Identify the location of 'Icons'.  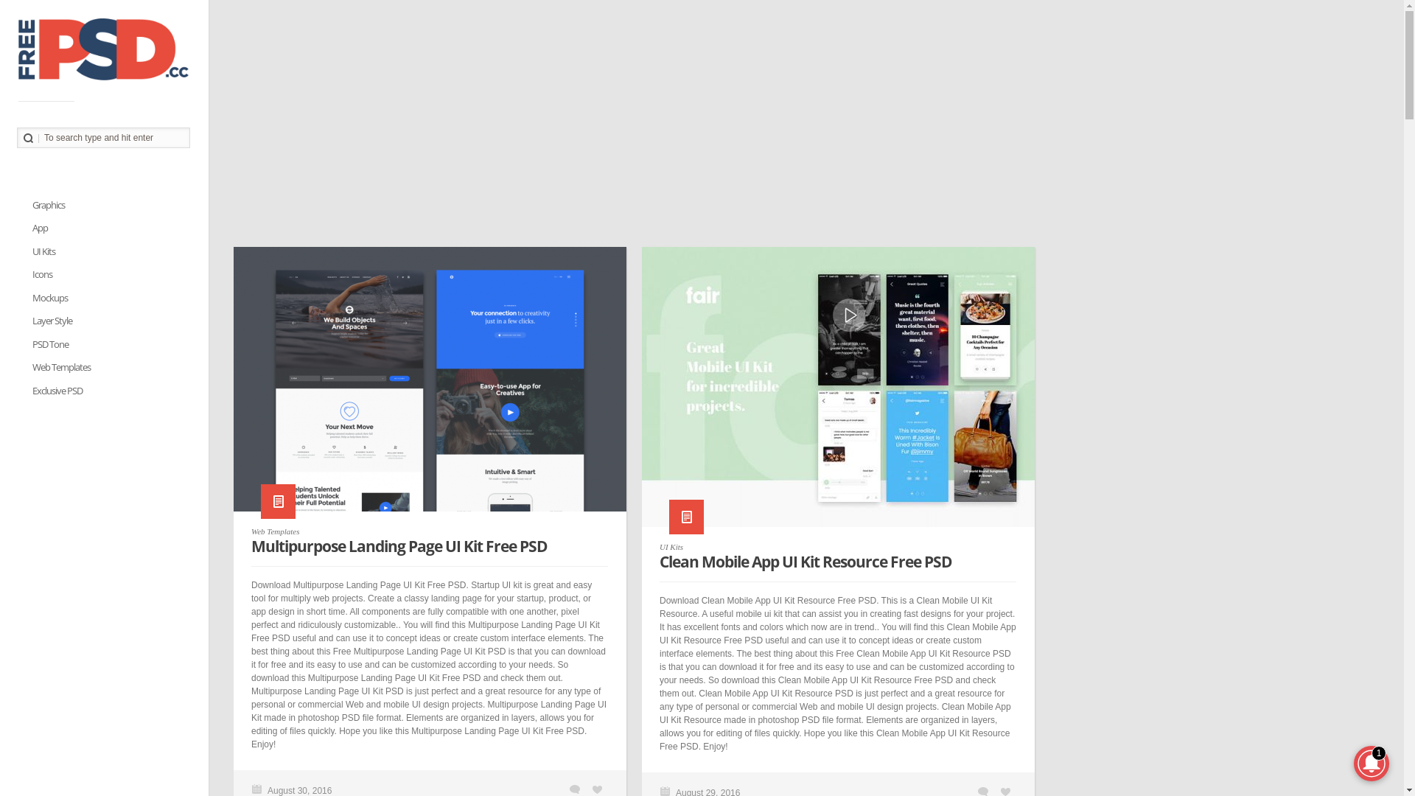
(42, 274).